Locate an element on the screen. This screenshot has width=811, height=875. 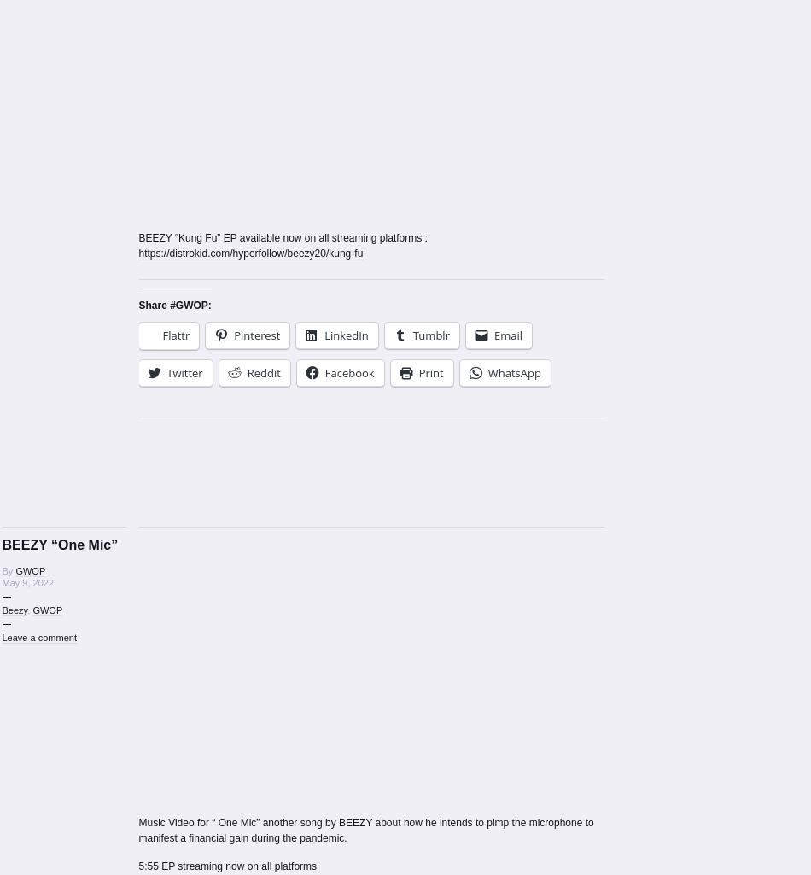
'Twitter' is located at coordinates (184, 371).